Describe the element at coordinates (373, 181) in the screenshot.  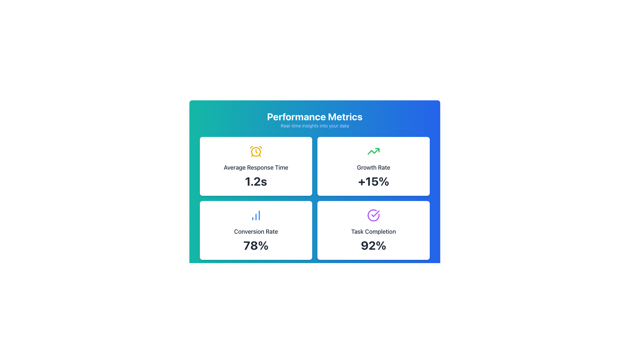
I see `the KPI label displaying the growth rate percentage located in the bottom section of the 'Growth Rate' card in the top-right quadrant of the four-card grid` at that location.